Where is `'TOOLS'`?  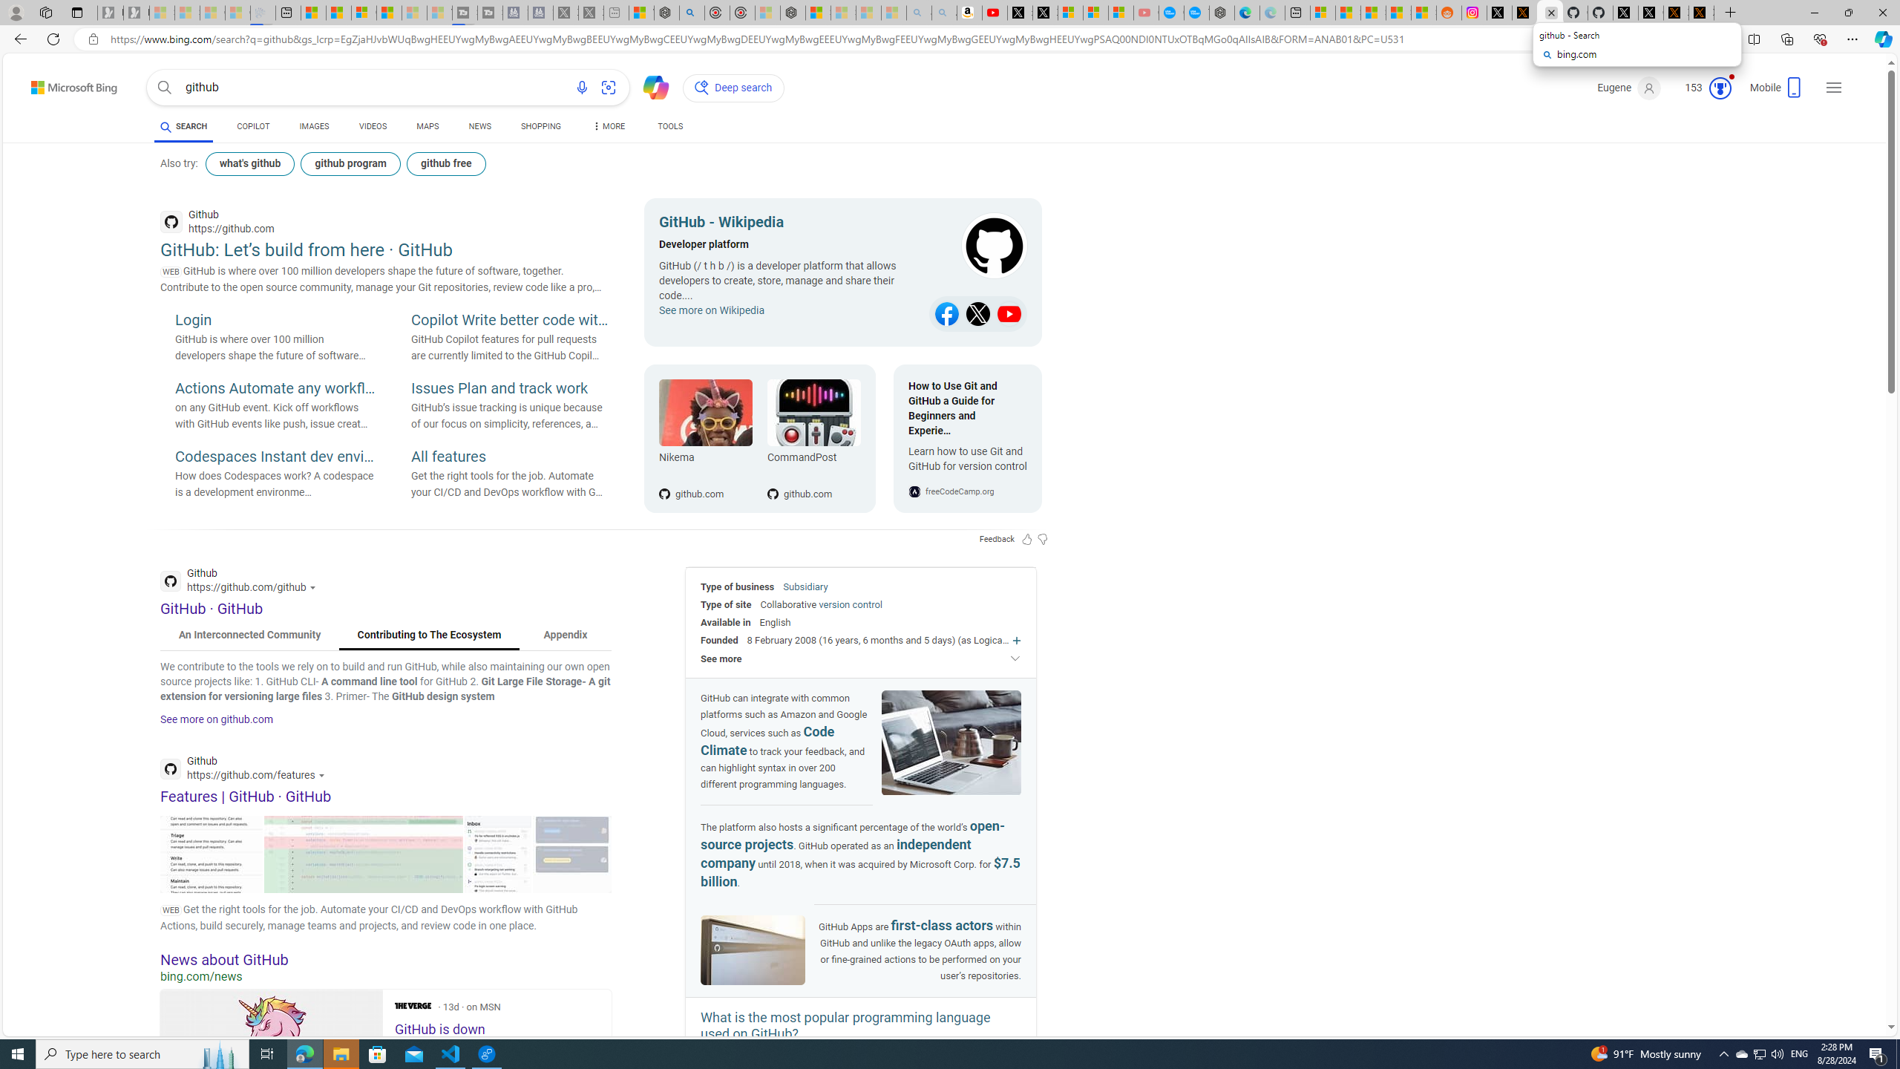 'TOOLS' is located at coordinates (669, 125).